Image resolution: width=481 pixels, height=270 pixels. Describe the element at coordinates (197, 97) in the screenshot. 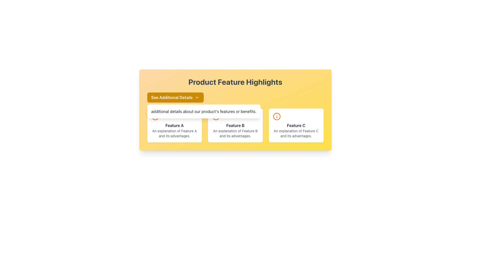

I see `the downward-facing chevron icon, which is styled with a thin black stroke and is adjacent to the text 'See Additional Details'` at that location.